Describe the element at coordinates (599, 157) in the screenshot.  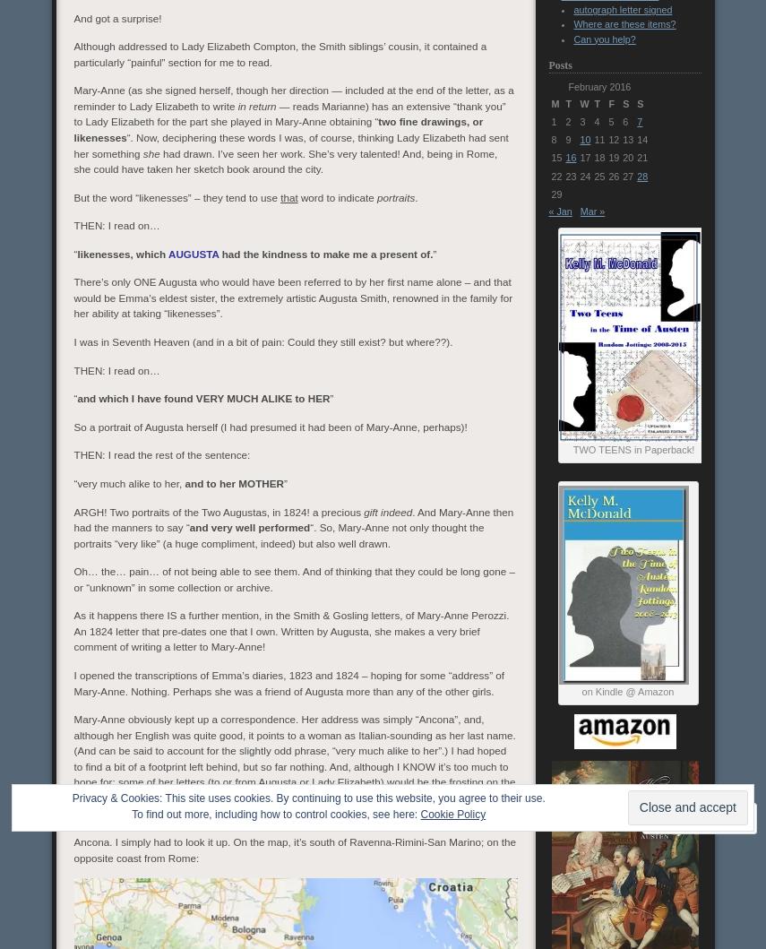
I see `'18'` at that location.